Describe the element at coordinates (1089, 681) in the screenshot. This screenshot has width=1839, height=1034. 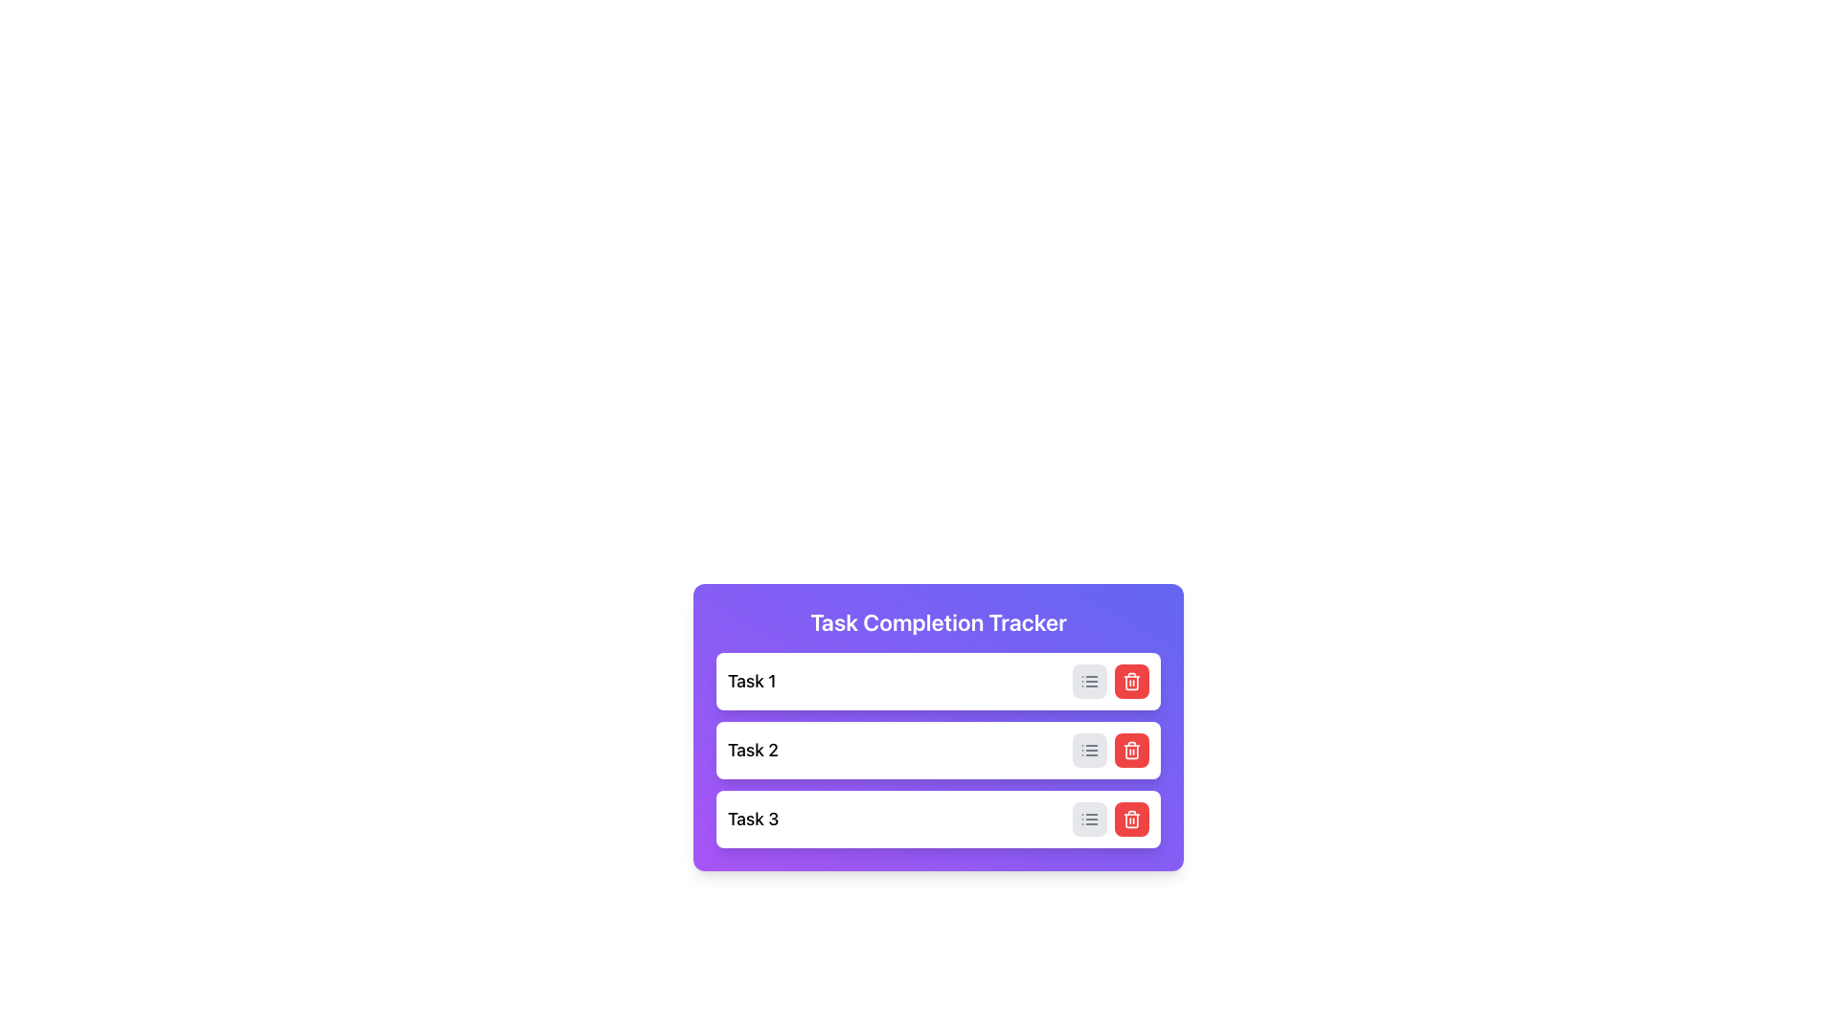
I see `the control button located to the right of 'Task 1' in the 'Task Completion Tracker'` at that location.